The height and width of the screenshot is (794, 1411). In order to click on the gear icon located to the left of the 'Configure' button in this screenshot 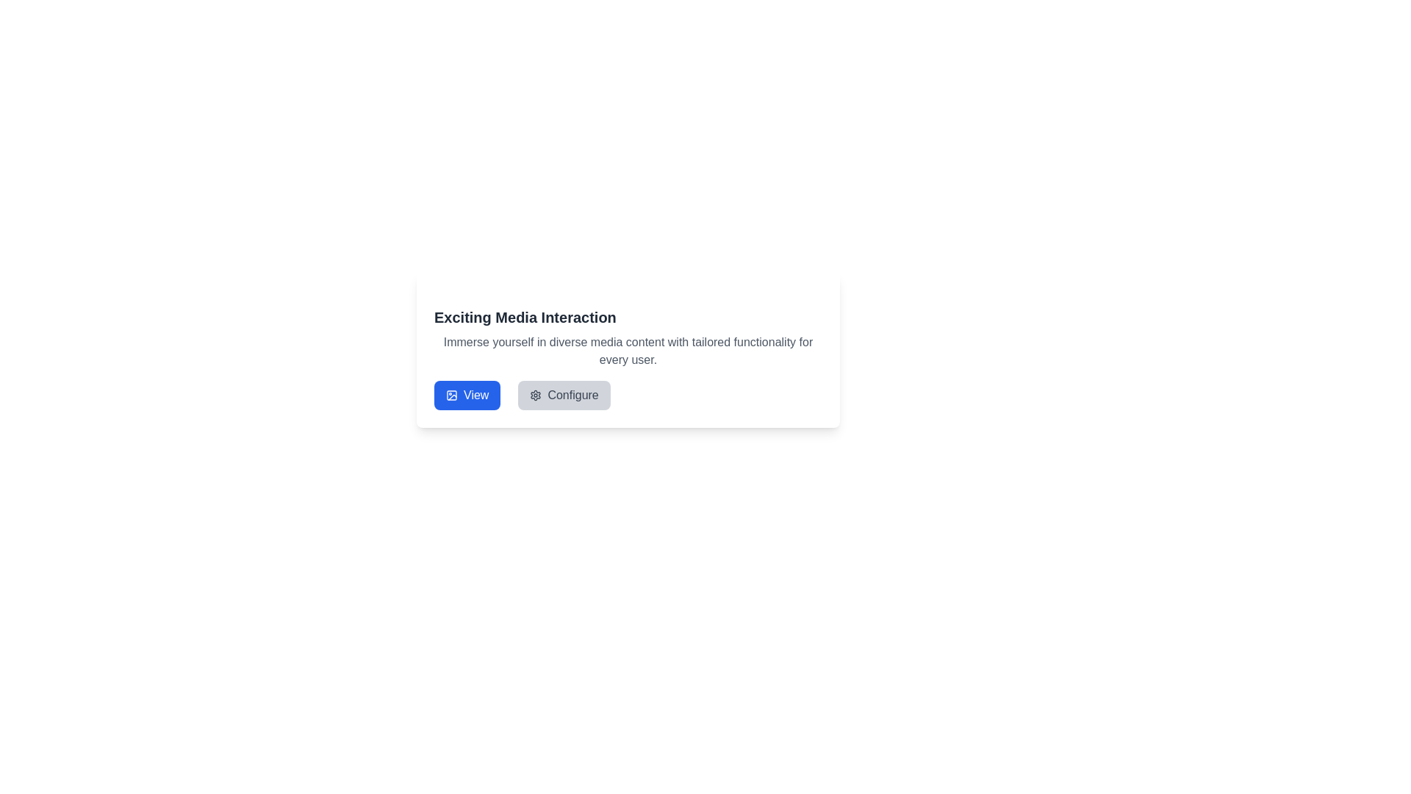, I will do `click(535, 394)`.